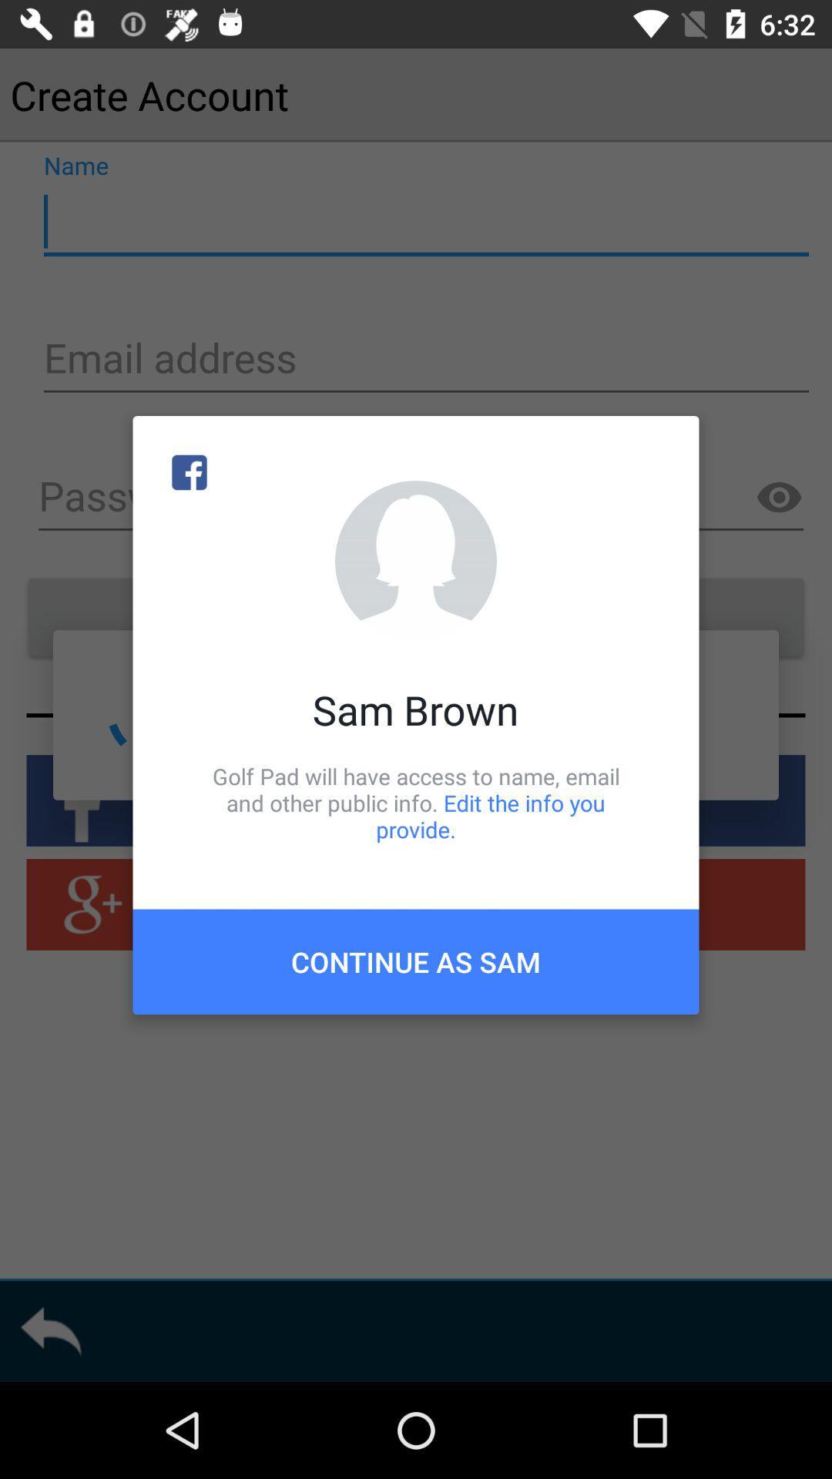 The image size is (832, 1479). Describe the element at coordinates (416, 961) in the screenshot. I see `continue as sam` at that location.